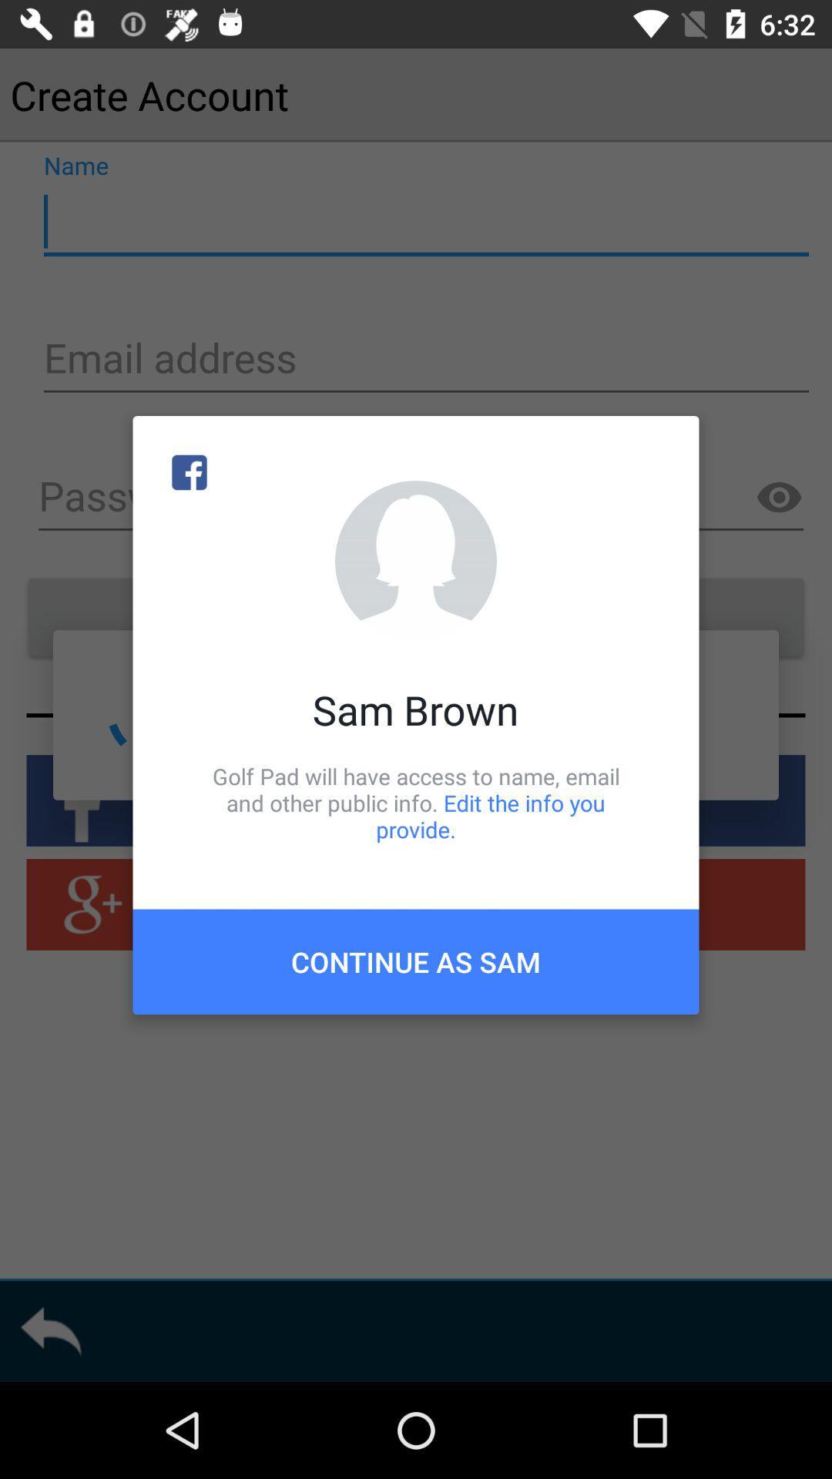 The image size is (832, 1479). Describe the element at coordinates (416, 961) in the screenshot. I see `continue as sam` at that location.